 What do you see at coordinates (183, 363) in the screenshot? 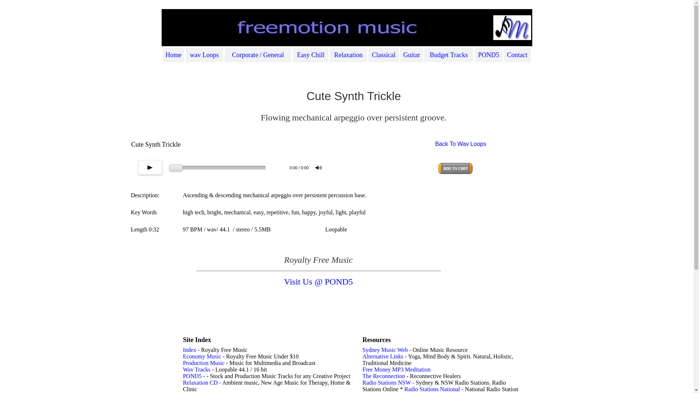
I see `'Production Music '` at bounding box center [183, 363].